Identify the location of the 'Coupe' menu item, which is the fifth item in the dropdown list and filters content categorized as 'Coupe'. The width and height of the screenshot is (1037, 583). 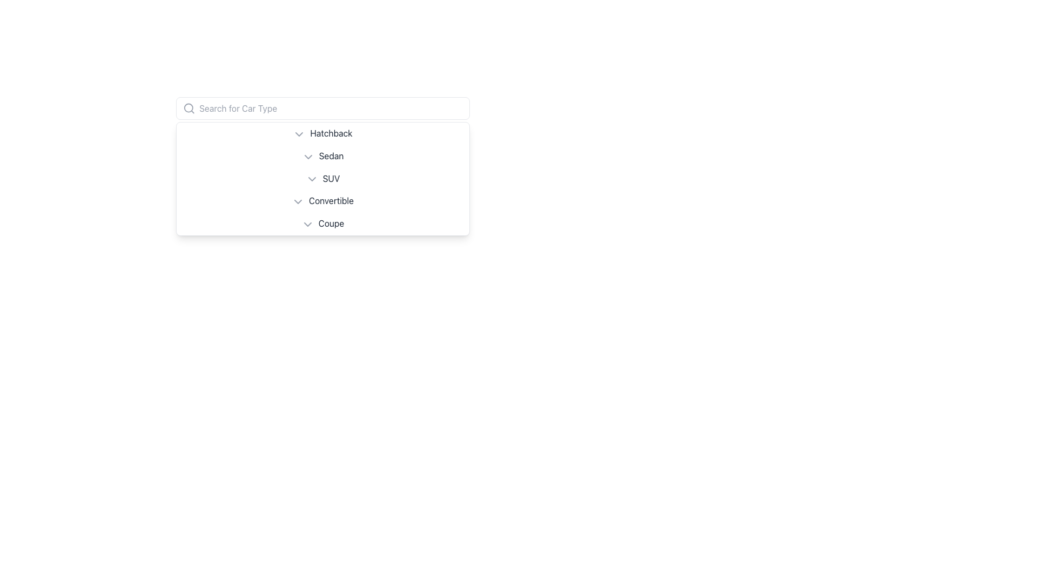
(322, 223).